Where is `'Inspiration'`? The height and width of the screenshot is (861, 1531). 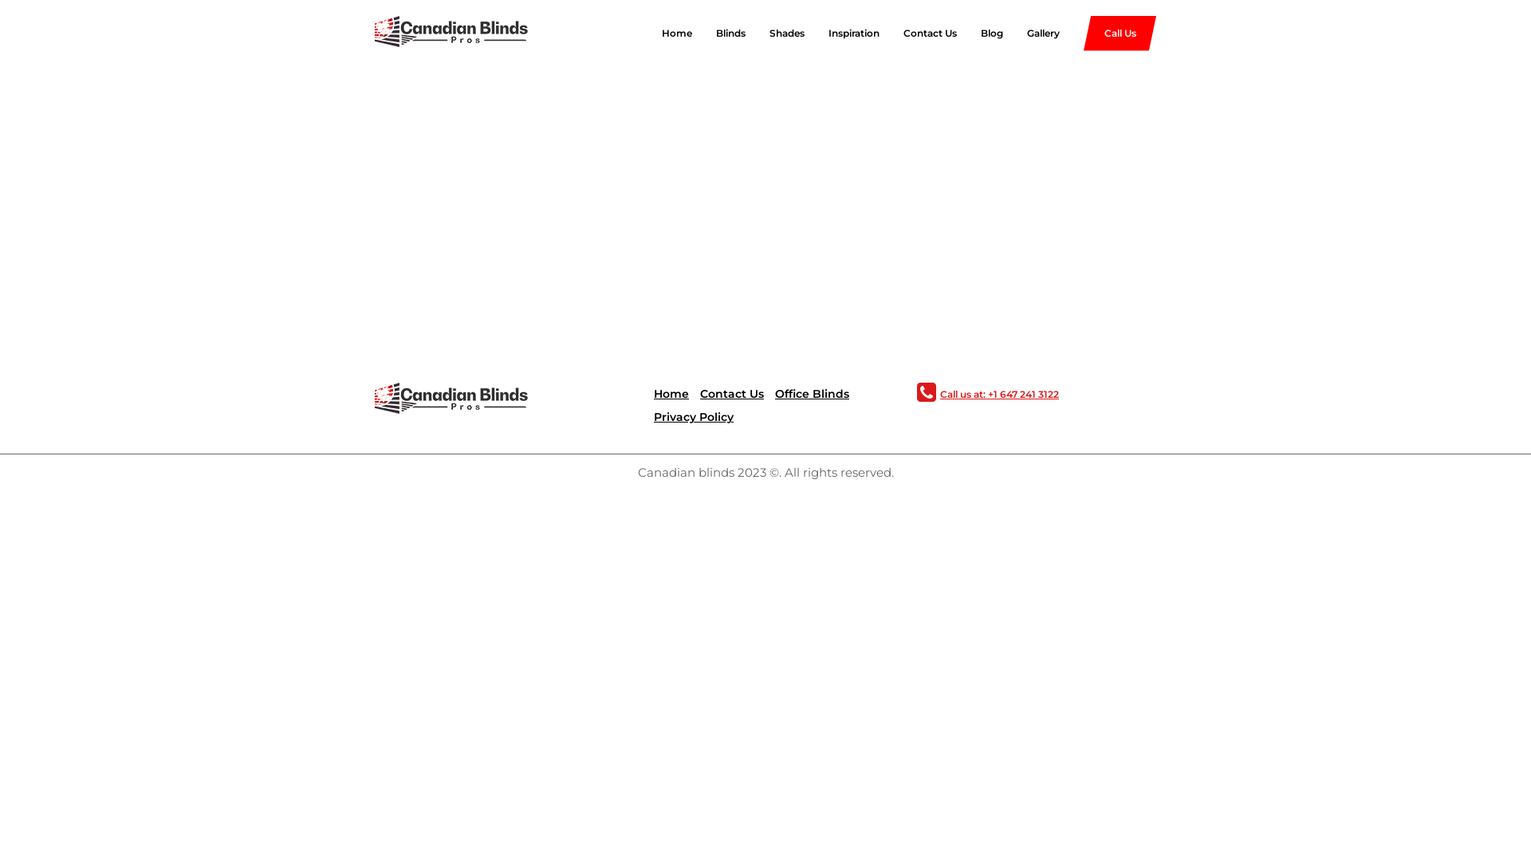 'Inspiration' is located at coordinates (804, 33).